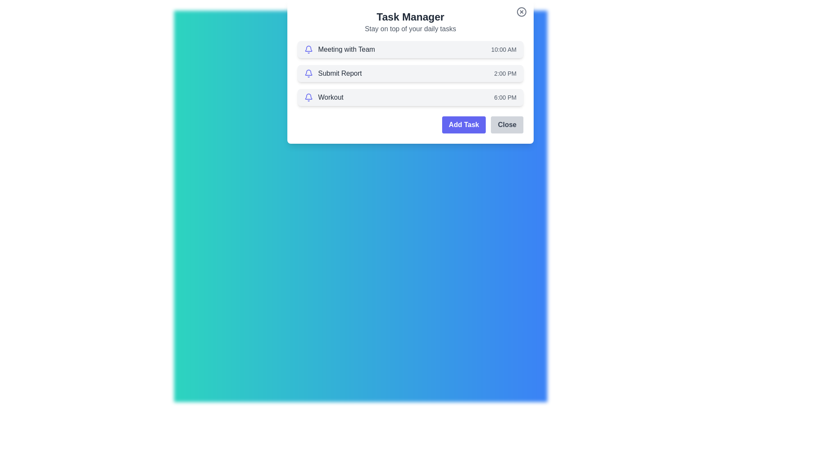 The image size is (821, 462). What do you see at coordinates (410, 97) in the screenshot?
I see `the third task item in the task manager list, which provides the task's title and scheduled time, positioned between 'Submit Report' and the bottom of the panel` at bounding box center [410, 97].